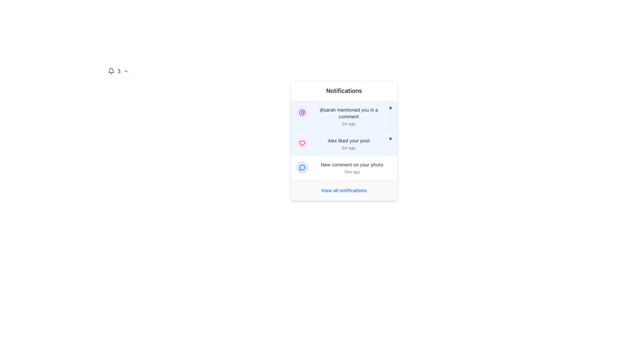 The width and height of the screenshot is (642, 361). Describe the element at coordinates (348, 113) in the screenshot. I see `the notification text that mentions '@sarah', located above the '2m ago' text in the notification card` at that location.